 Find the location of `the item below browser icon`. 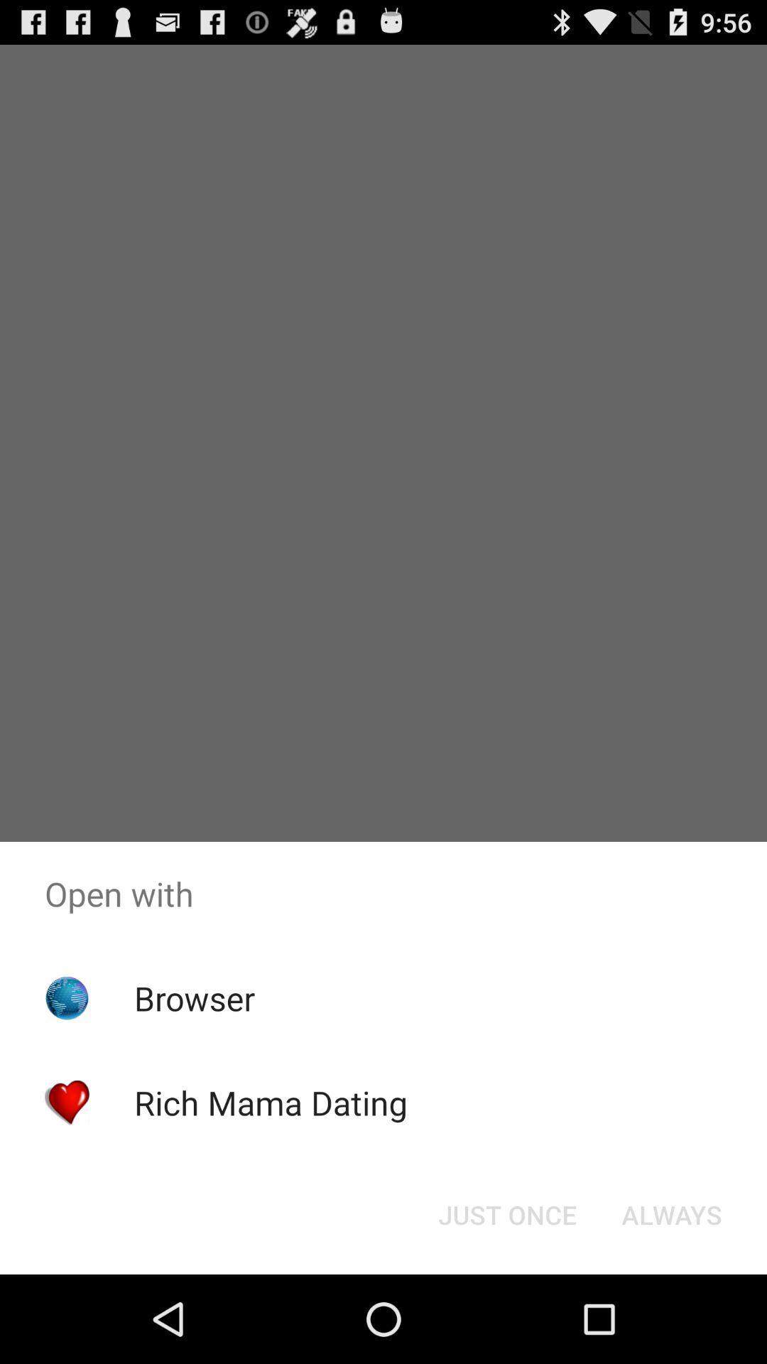

the item below browser icon is located at coordinates (271, 1102).